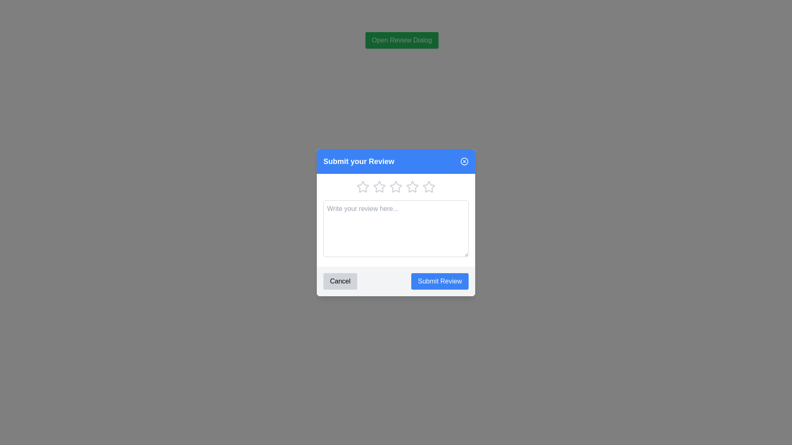  What do you see at coordinates (340, 281) in the screenshot?
I see `the cancel button located in the footer section of the 'Submit your Review' dialog box, positioned to the left of the 'Submit Review' button` at bounding box center [340, 281].